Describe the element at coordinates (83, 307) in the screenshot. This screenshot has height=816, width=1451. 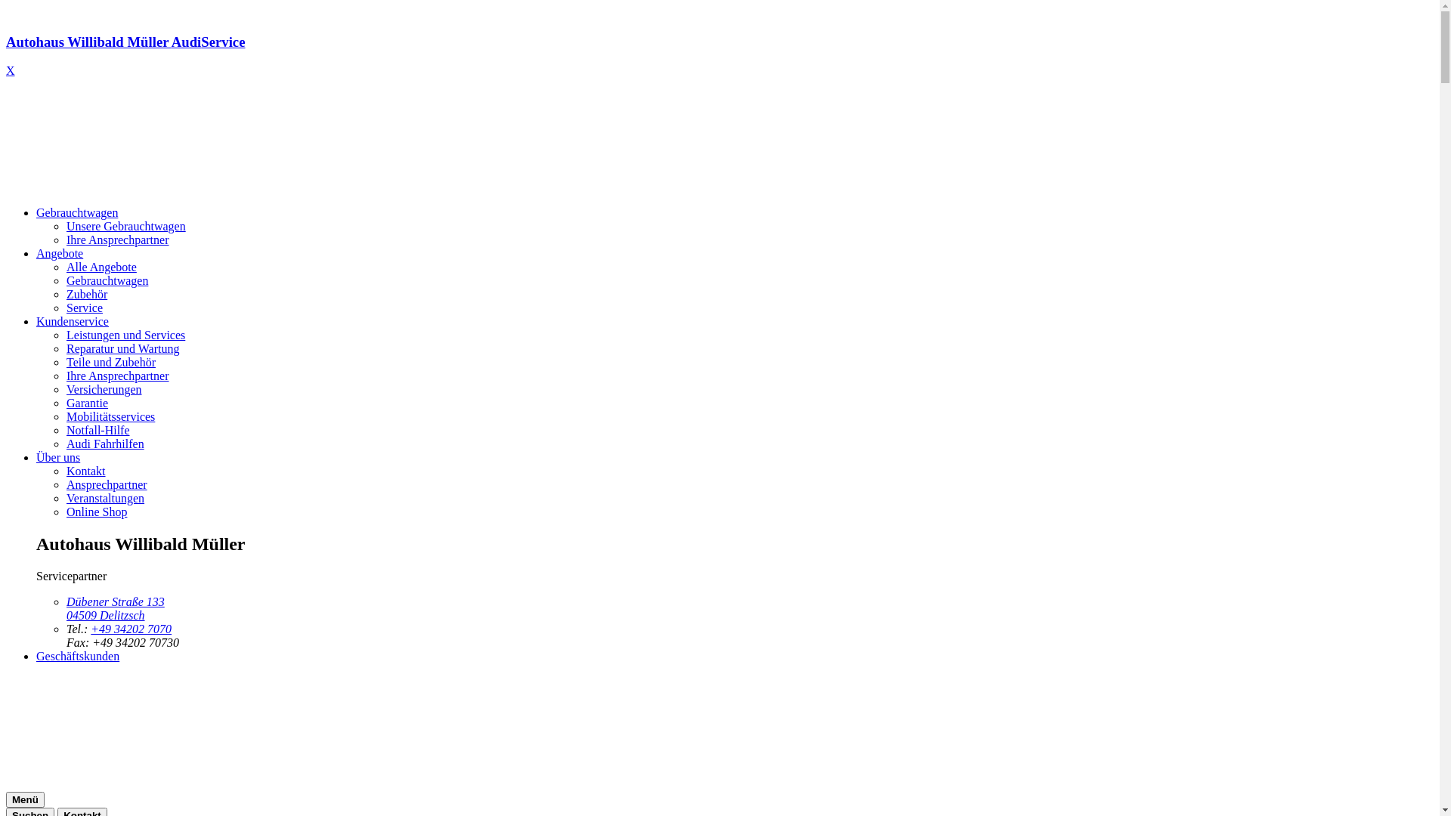
I see `'Service'` at that location.